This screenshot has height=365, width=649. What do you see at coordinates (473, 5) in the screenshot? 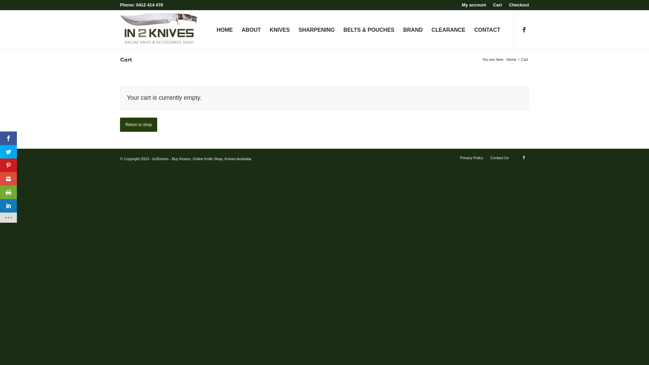
I see `'My account'` at bounding box center [473, 5].